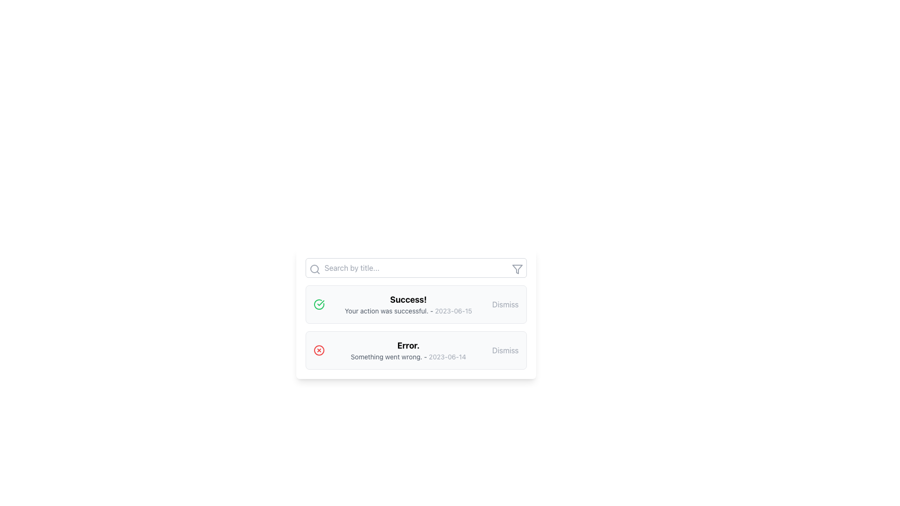 The height and width of the screenshot is (506, 900). What do you see at coordinates (505, 305) in the screenshot?
I see `the dismiss button located to the right of the text 'Your action was successful. - 2023-06-15.' in the notification card` at bounding box center [505, 305].